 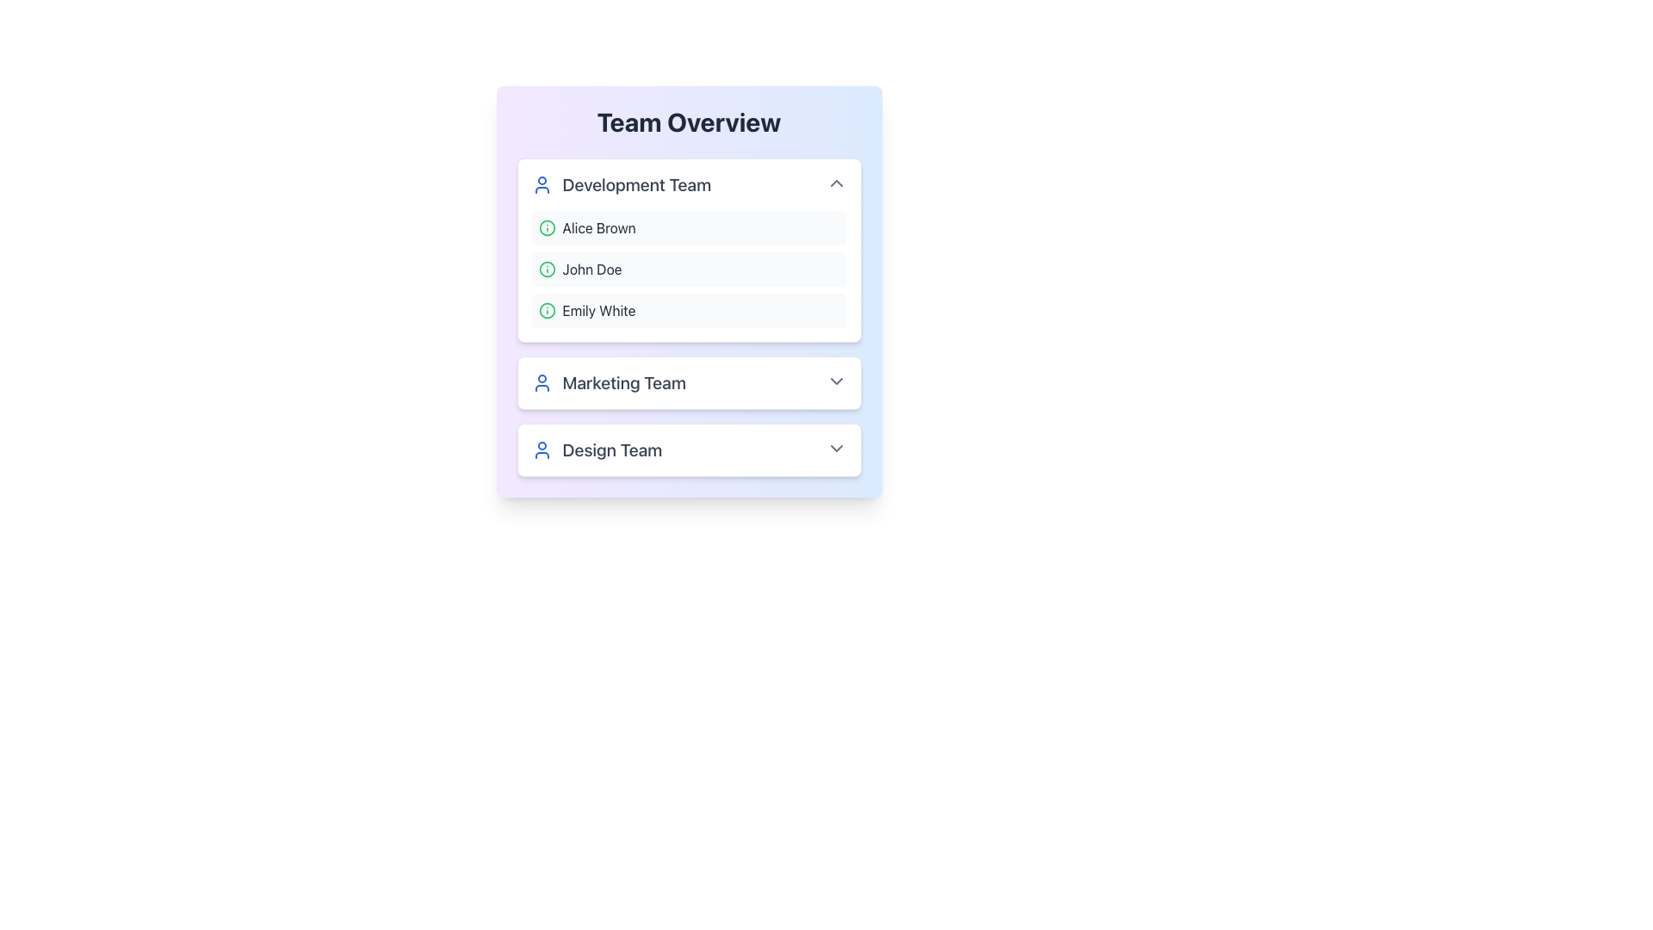 I want to click on the dropdown toggle icon for the 'Marketing Team' section, so click(x=836, y=381).